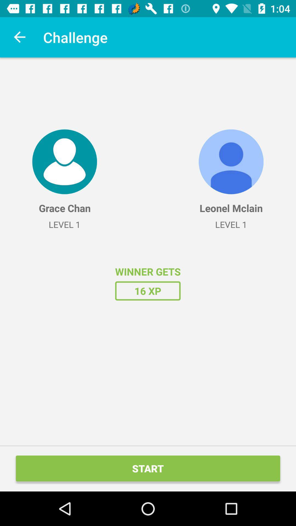 This screenshot has height=526, width=296. Describe the element at coordinates (64, 161) in the screenshot. I see `change profile` at that location.